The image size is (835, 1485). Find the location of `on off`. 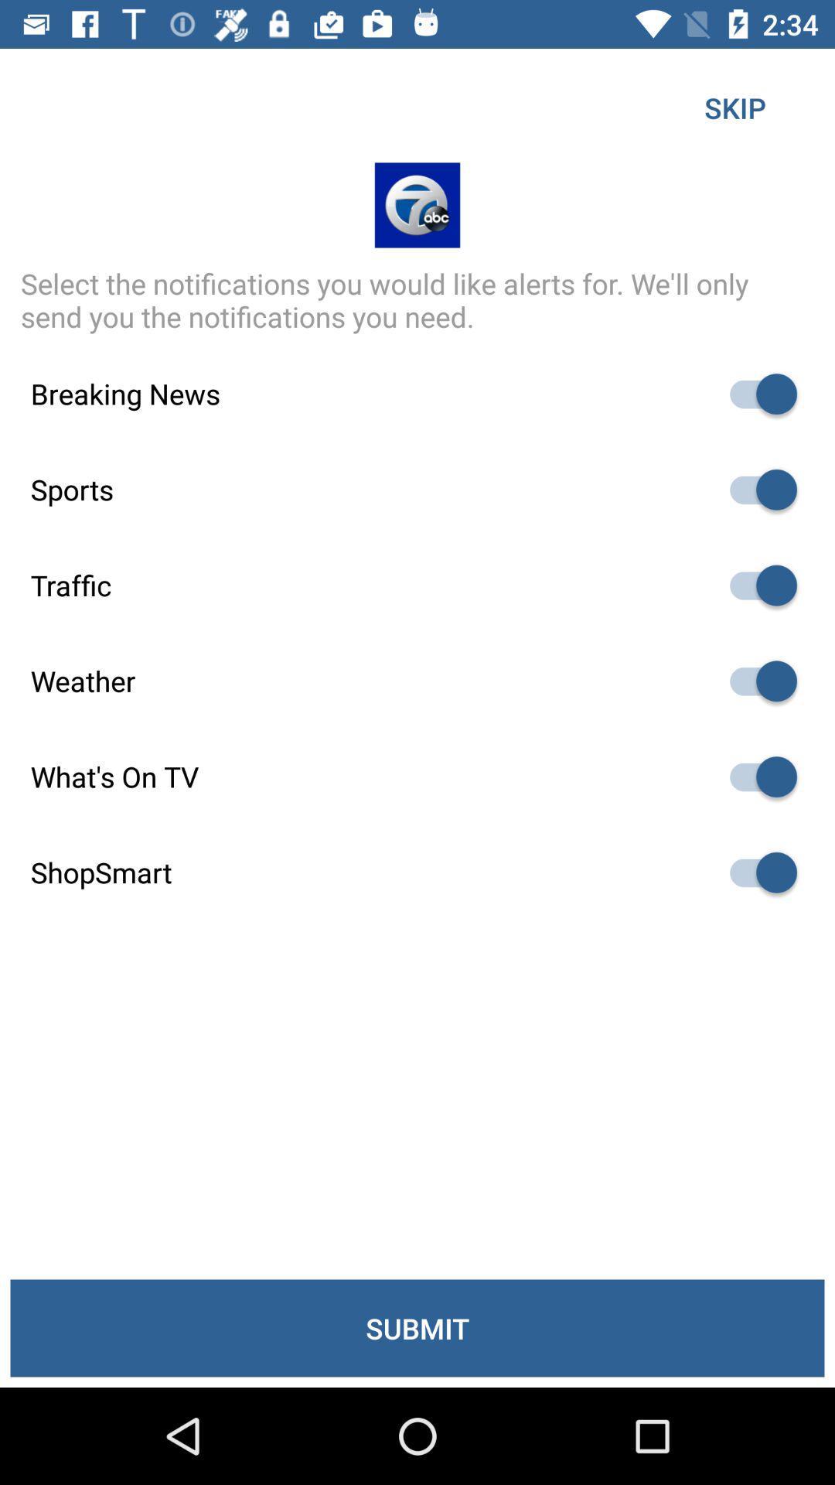

on off is located at coordinates (755, 394).